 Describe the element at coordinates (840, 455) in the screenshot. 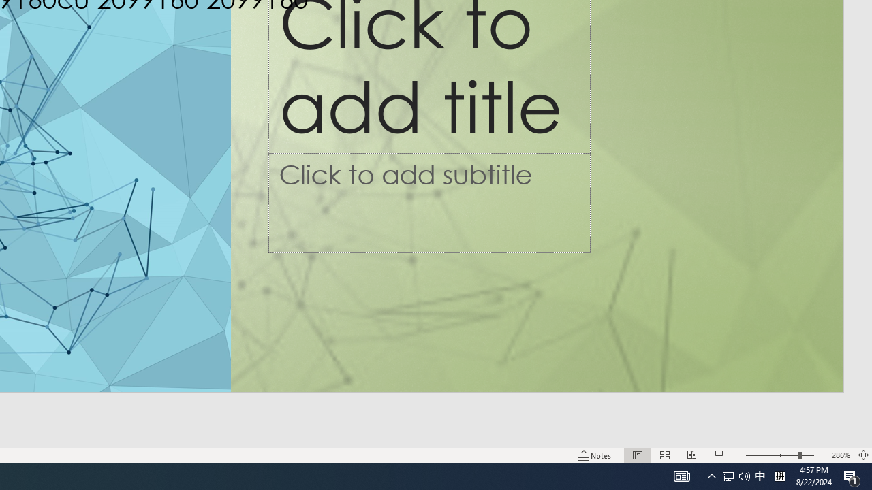

I see `'Zoom 286%'` at that location.